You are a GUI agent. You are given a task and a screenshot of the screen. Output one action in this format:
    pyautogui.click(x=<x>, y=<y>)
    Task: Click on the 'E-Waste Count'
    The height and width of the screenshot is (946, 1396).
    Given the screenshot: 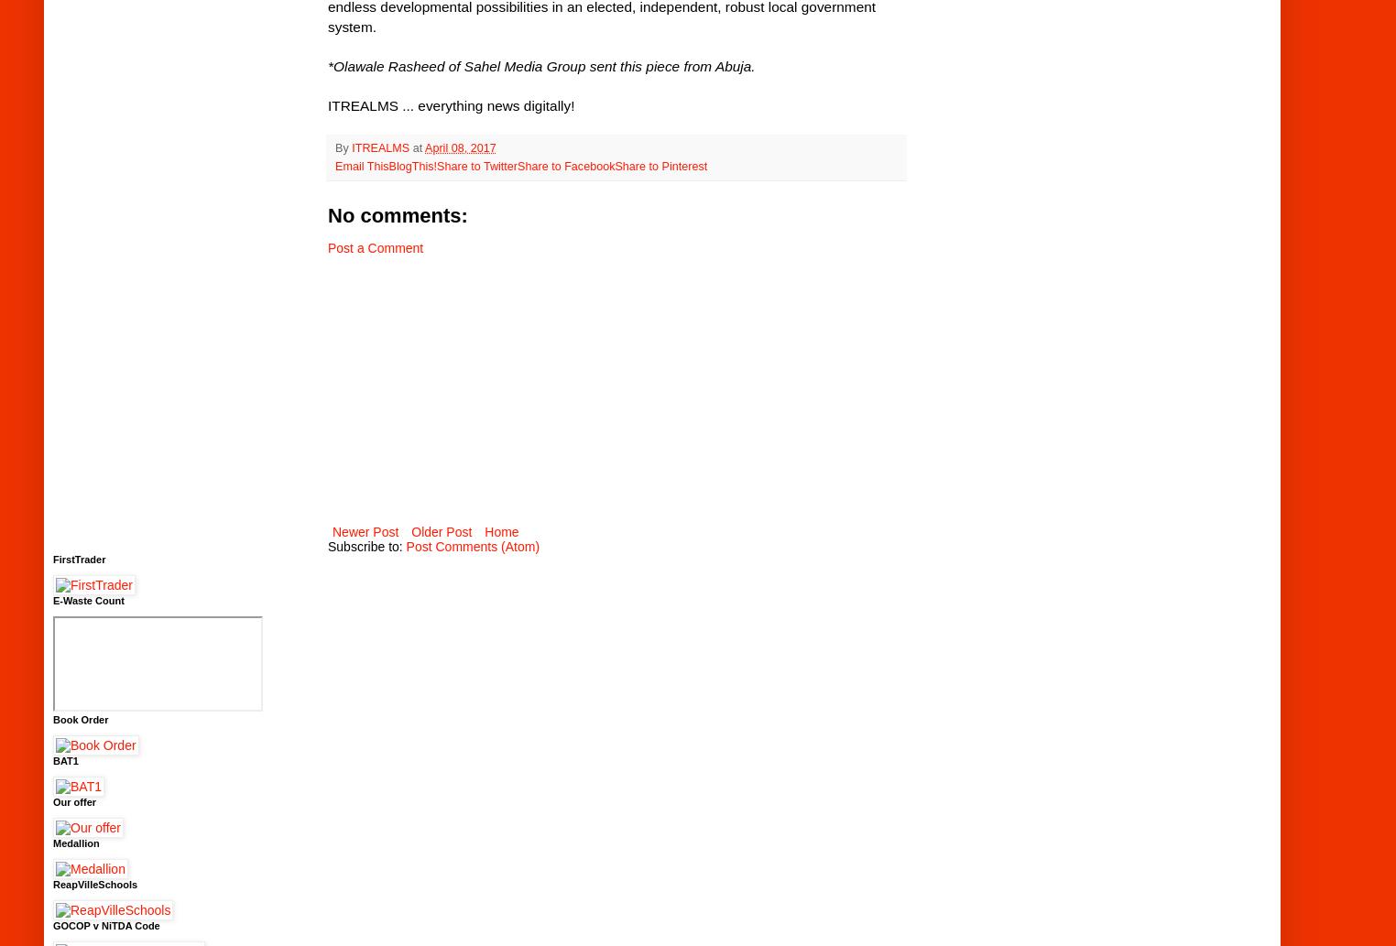 What is the action you would take?
    pyautogui.click(x=88, y=599)
    